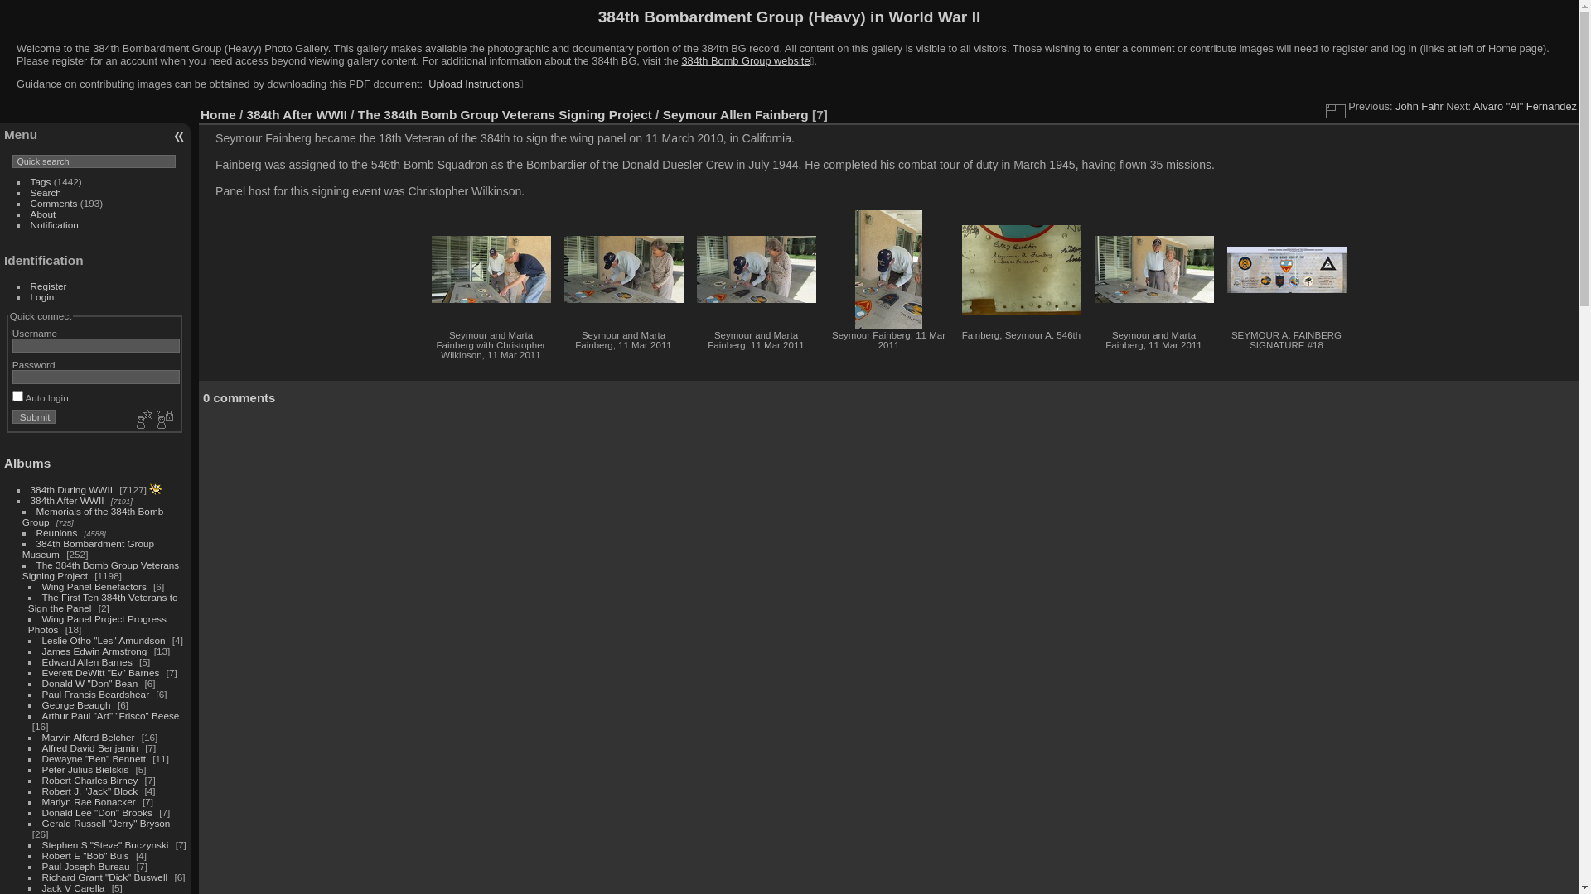 The width and height of the screenshot is (1591, 894). What do you see at coordinates (94, 650) in the screenshot?
I see `'James Edwin Armstrong'` at bounding box center [94, 650].